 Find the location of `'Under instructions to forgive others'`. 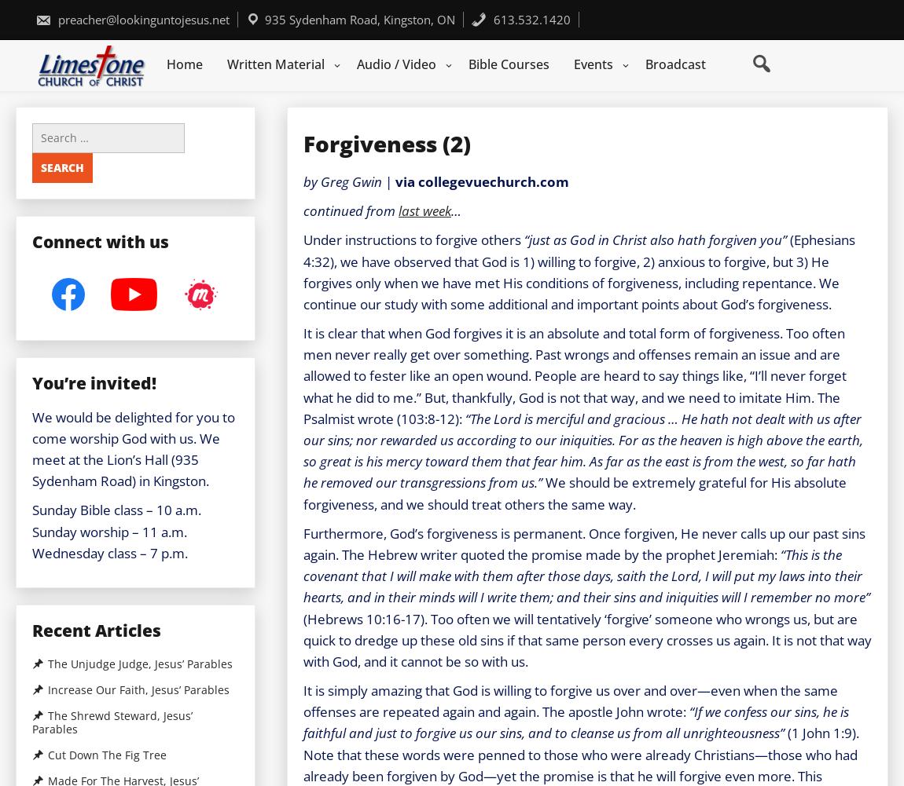

'Under instructions to forgive others' is located at coordinates (413, 239).